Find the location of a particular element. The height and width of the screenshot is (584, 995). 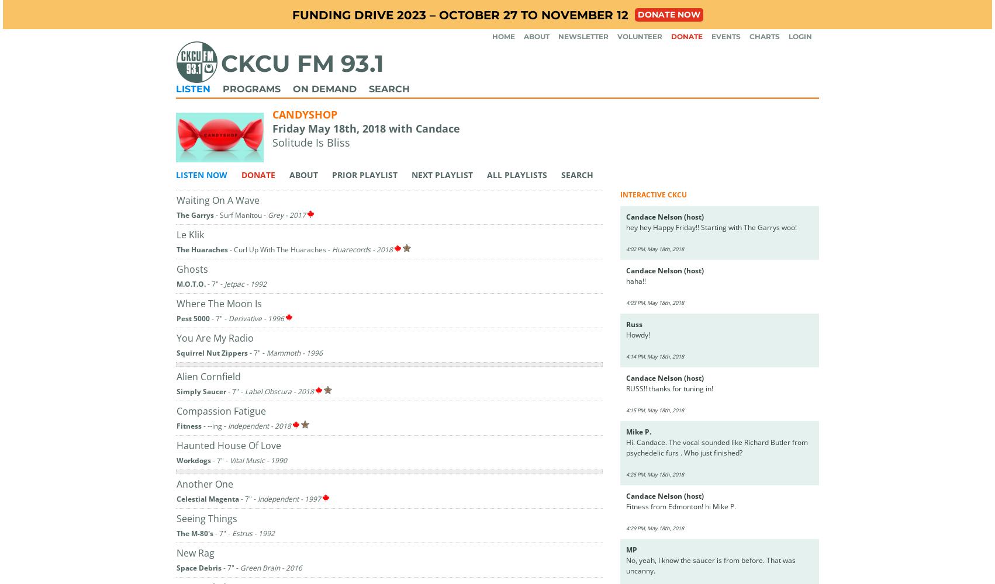

'Squirrel Nut Zippers' is located at coordinates (212, 352).